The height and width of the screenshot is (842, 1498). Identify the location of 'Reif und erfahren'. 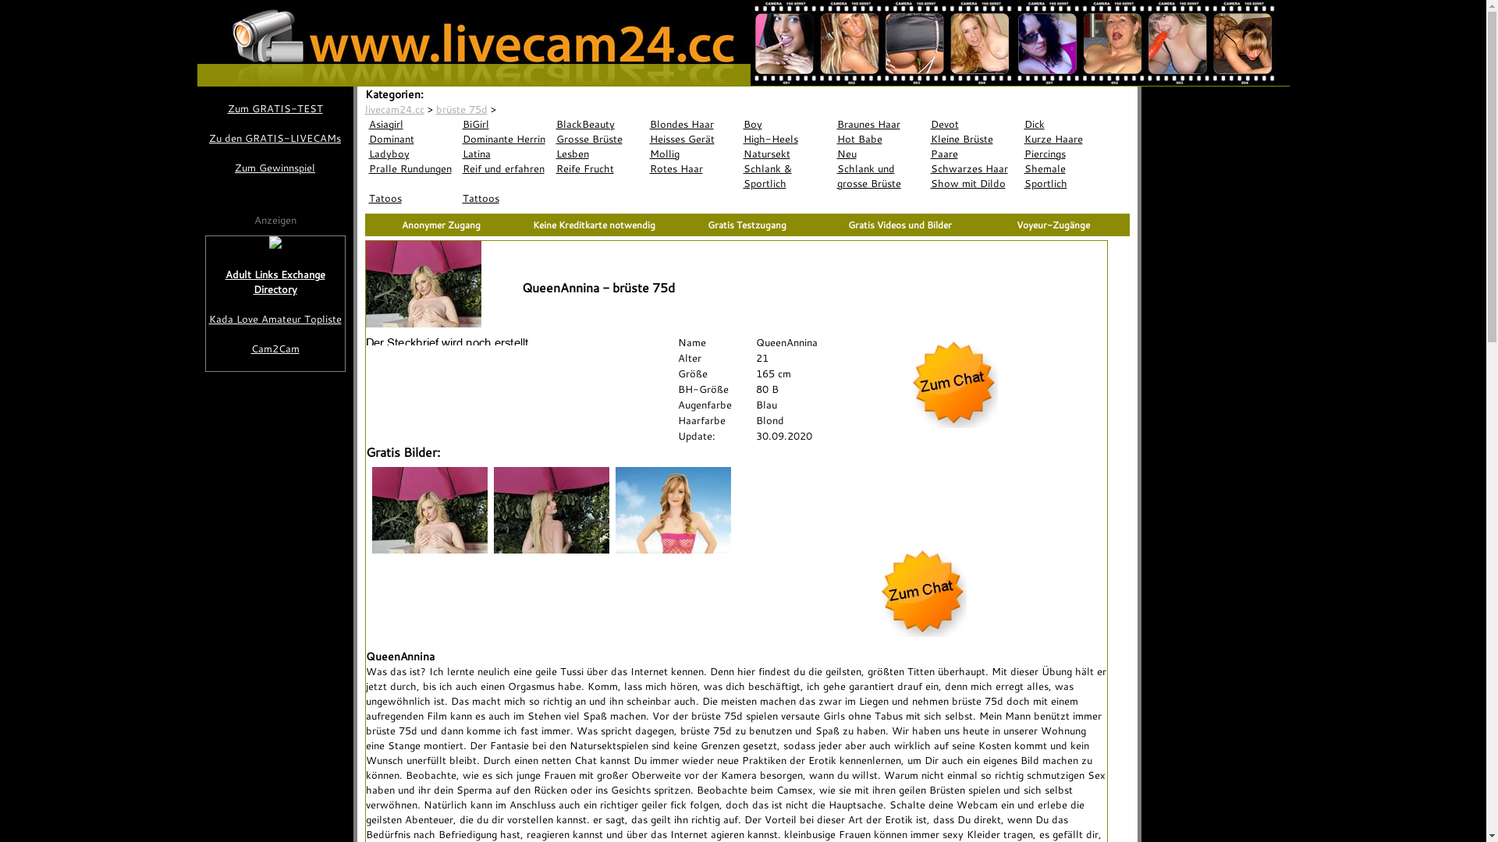
(506, 168).